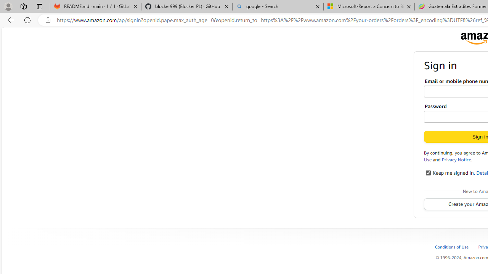 This screenshot has height=274, width=488. I want to click on 'Conditions of Use ', so click(452, 247).